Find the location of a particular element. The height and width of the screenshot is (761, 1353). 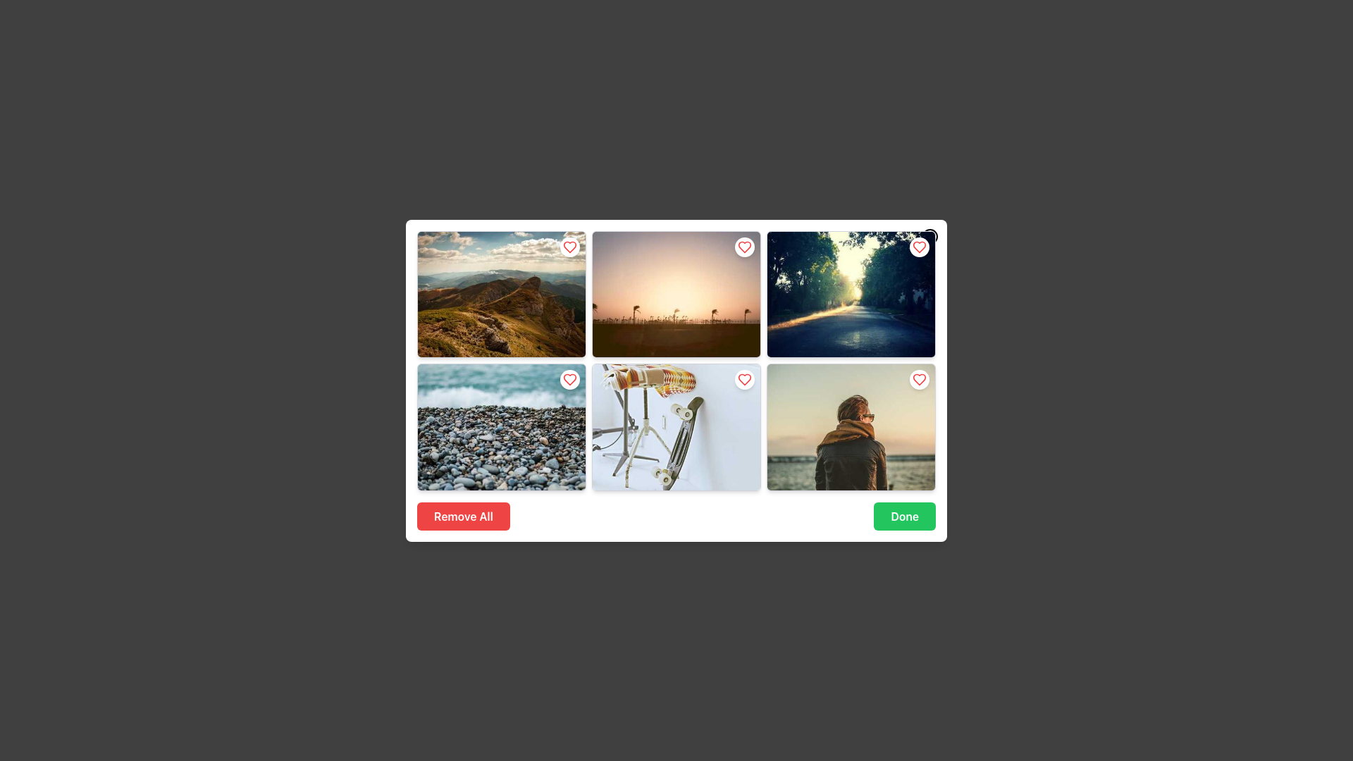

the heart icon button located at the top-right corner of the bottom-right image card is located at coordinates (920, 379).